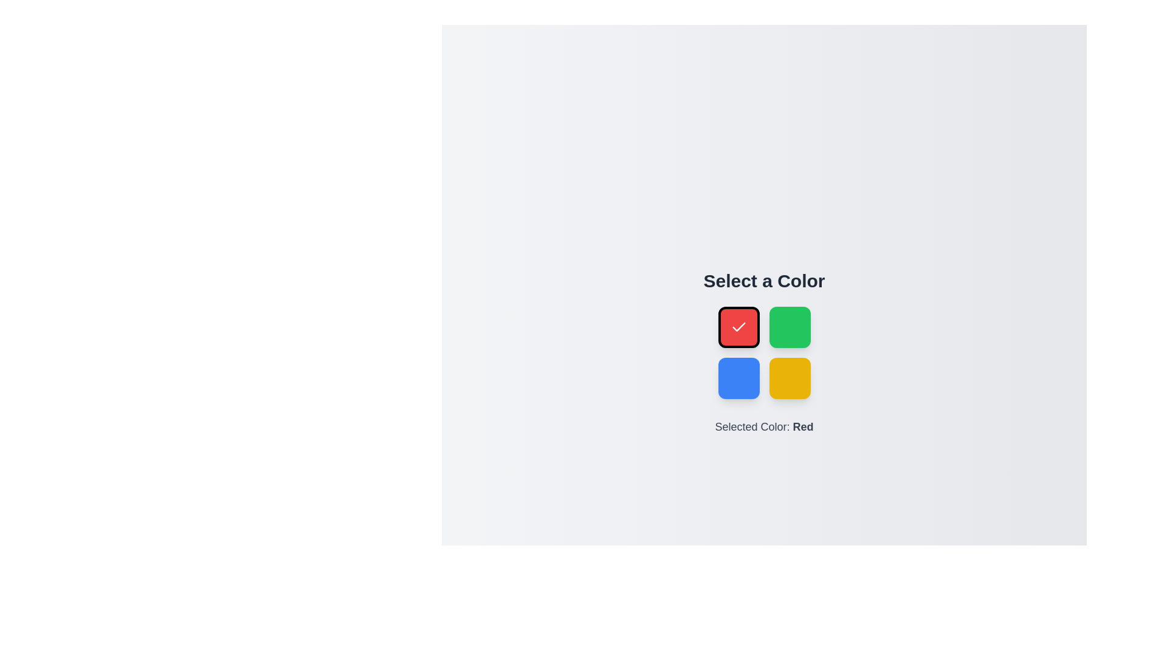 The height and width of the screenshot is (656, 1167). What do you see at coordinates (790, 327) in the screenshot?
I see `the color Green by clicking on its corresponding button` at bounding box center [790, 327].